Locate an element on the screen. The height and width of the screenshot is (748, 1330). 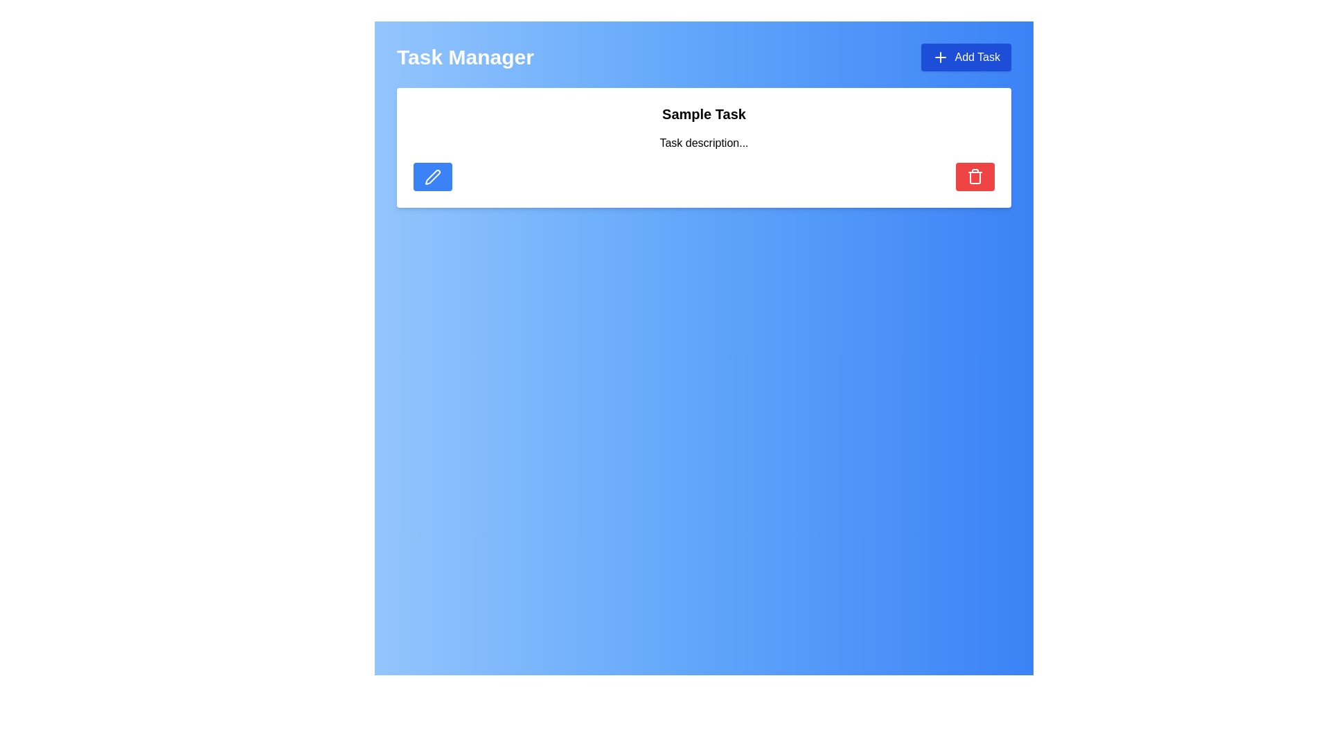
the delete icon located within the red button on the right side of the white task card is located at coordinates (974, 175).